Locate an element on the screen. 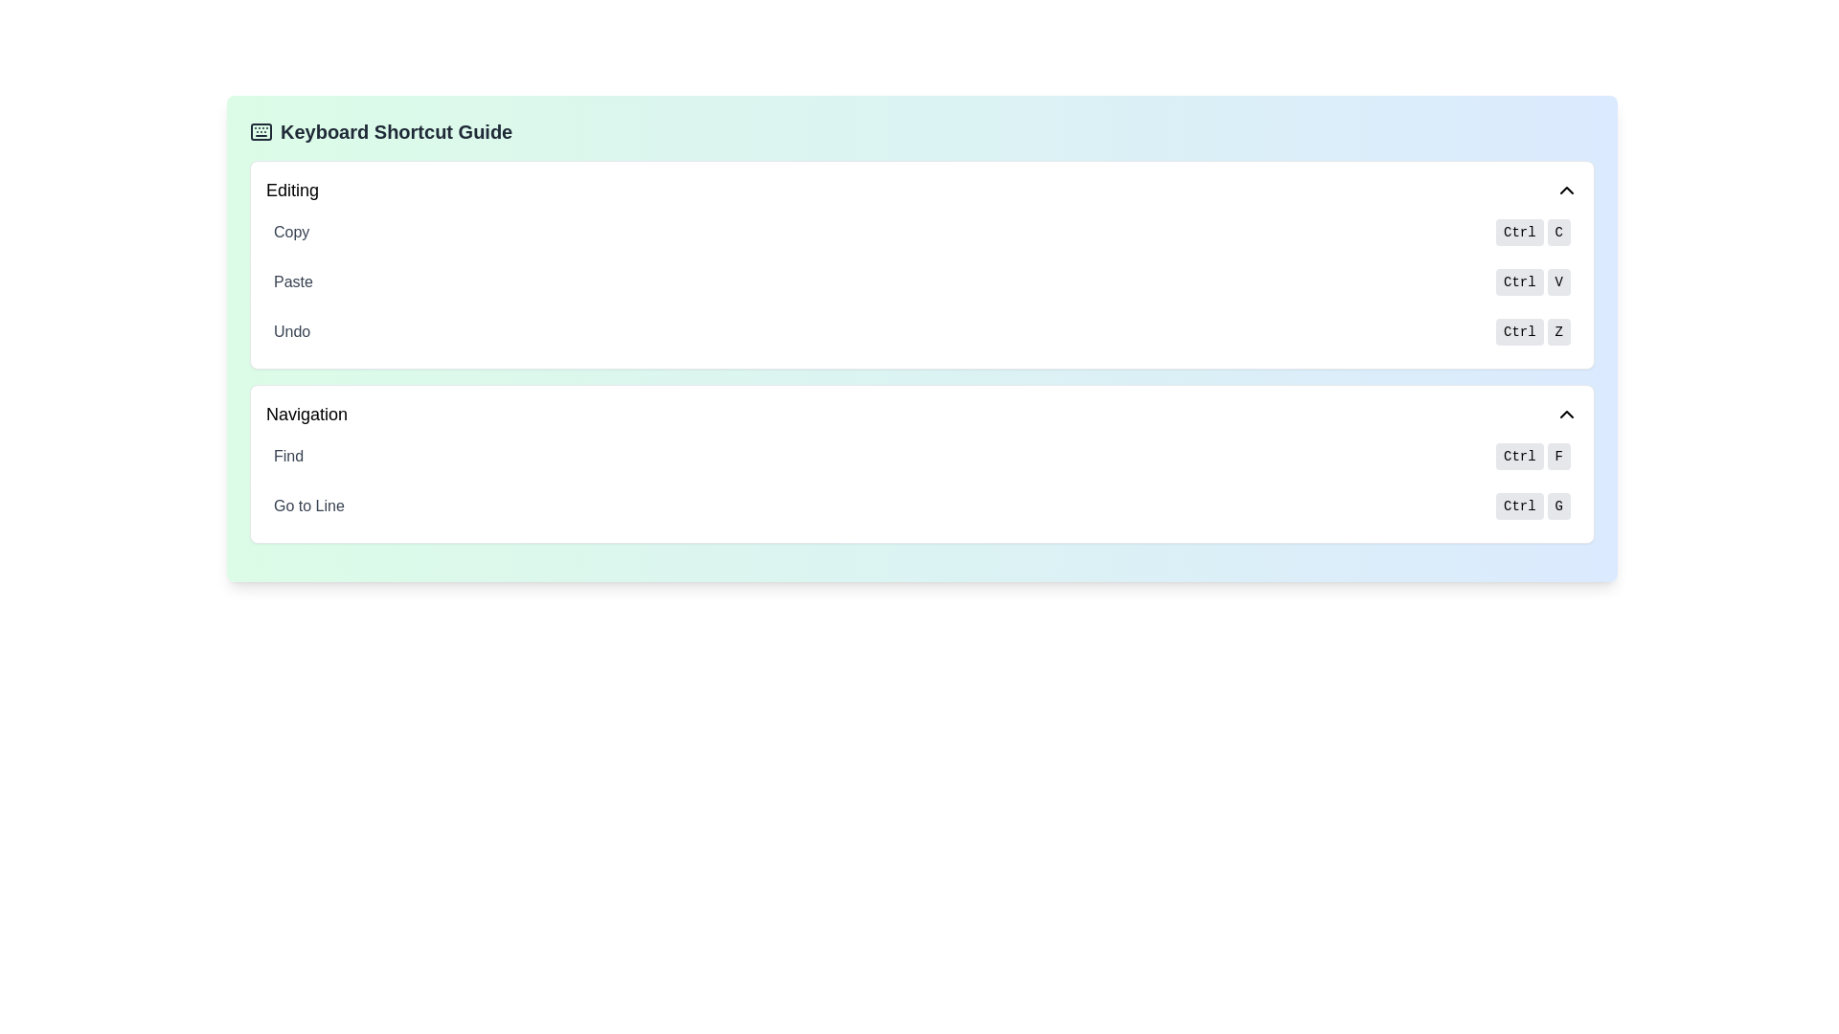 Image resolution: width=1839 pixels, height=1034 pixels. the visual representation of the keyboard shortcut key 'F' located in the 'Find' row under the 'Navigation' category in the 'Keyboard Shortcut Guide' is located at coordinates (1558, 457).